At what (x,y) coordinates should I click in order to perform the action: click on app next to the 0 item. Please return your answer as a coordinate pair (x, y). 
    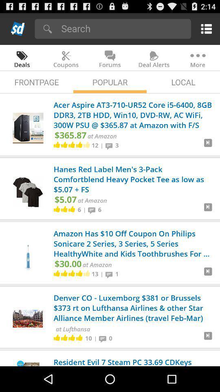
    Looking at the image, I should click on (104, 338).